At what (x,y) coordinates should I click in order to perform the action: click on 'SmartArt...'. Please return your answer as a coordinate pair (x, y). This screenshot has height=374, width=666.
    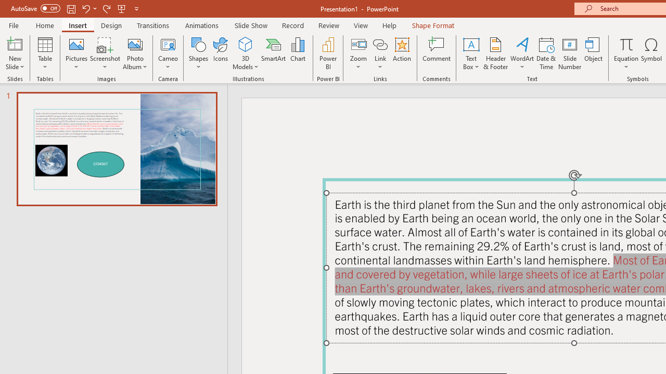
    Looking at the image, I should click on (274, 54).